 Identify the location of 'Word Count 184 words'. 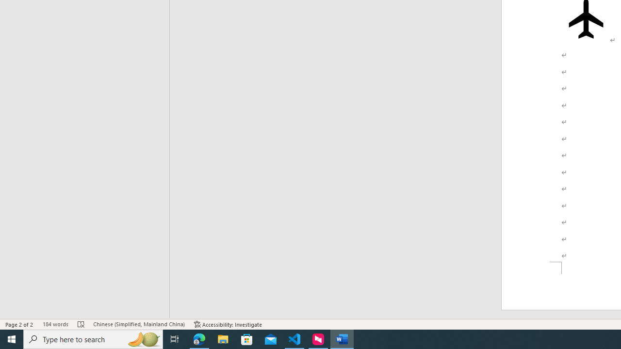
(54, 324).